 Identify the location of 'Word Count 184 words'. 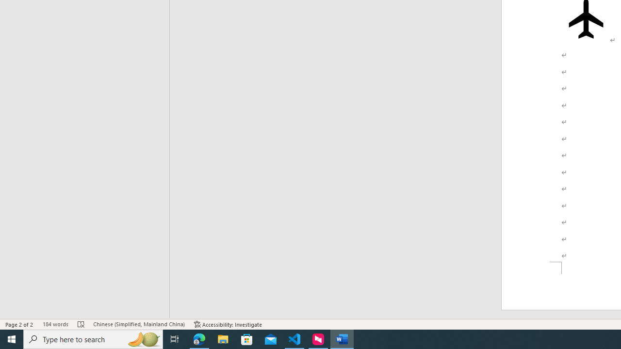
(54, 324).